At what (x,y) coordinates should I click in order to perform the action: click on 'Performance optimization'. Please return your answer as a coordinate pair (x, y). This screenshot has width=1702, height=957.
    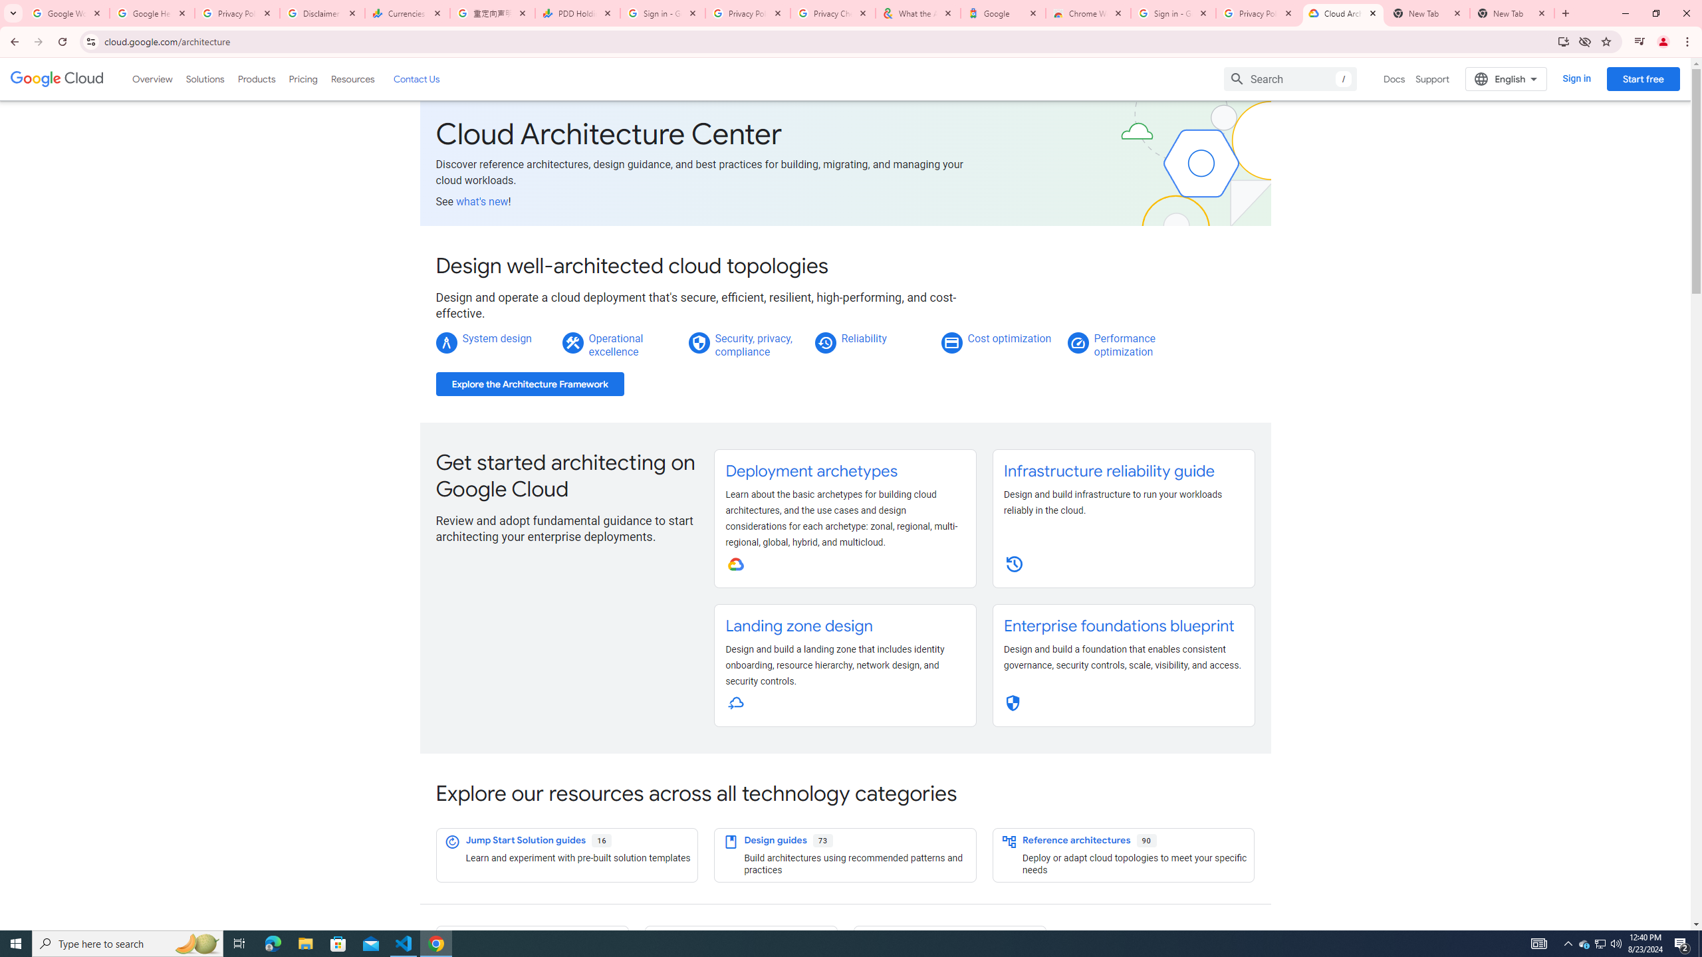
    Looking at the image, I should click on (1124, 344).